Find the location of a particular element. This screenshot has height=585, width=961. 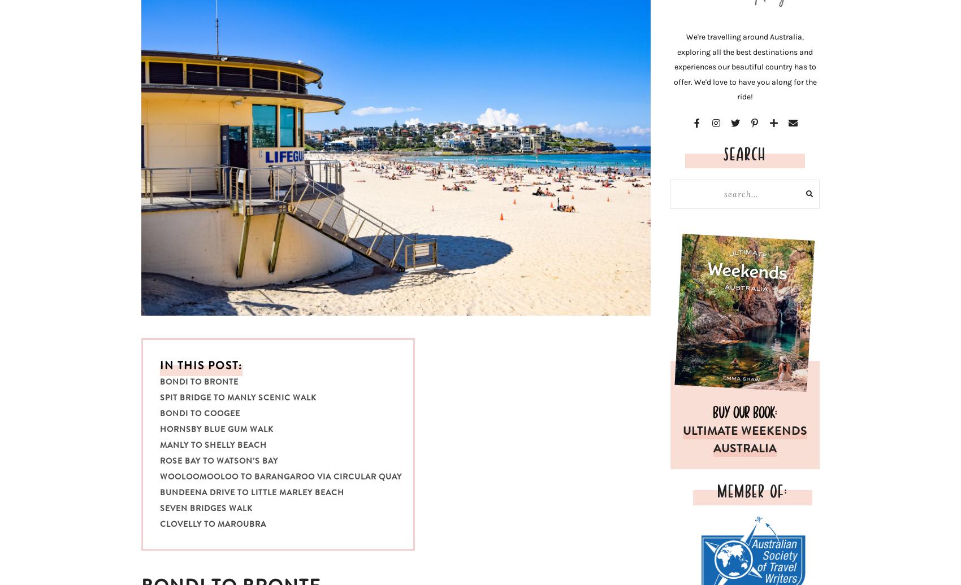

'BUY OUR BOOK:' is located at coordinates (712, 410).